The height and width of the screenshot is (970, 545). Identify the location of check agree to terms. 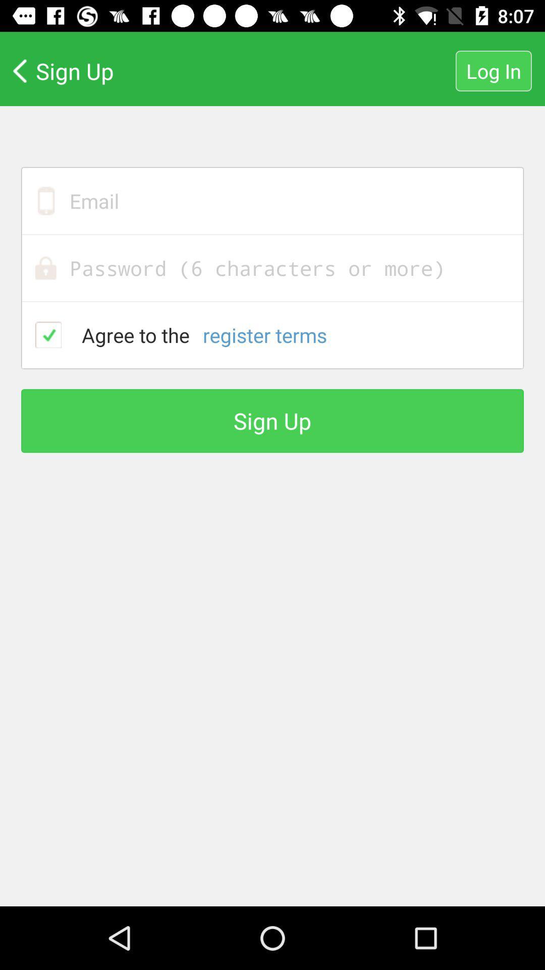
(48, 334).